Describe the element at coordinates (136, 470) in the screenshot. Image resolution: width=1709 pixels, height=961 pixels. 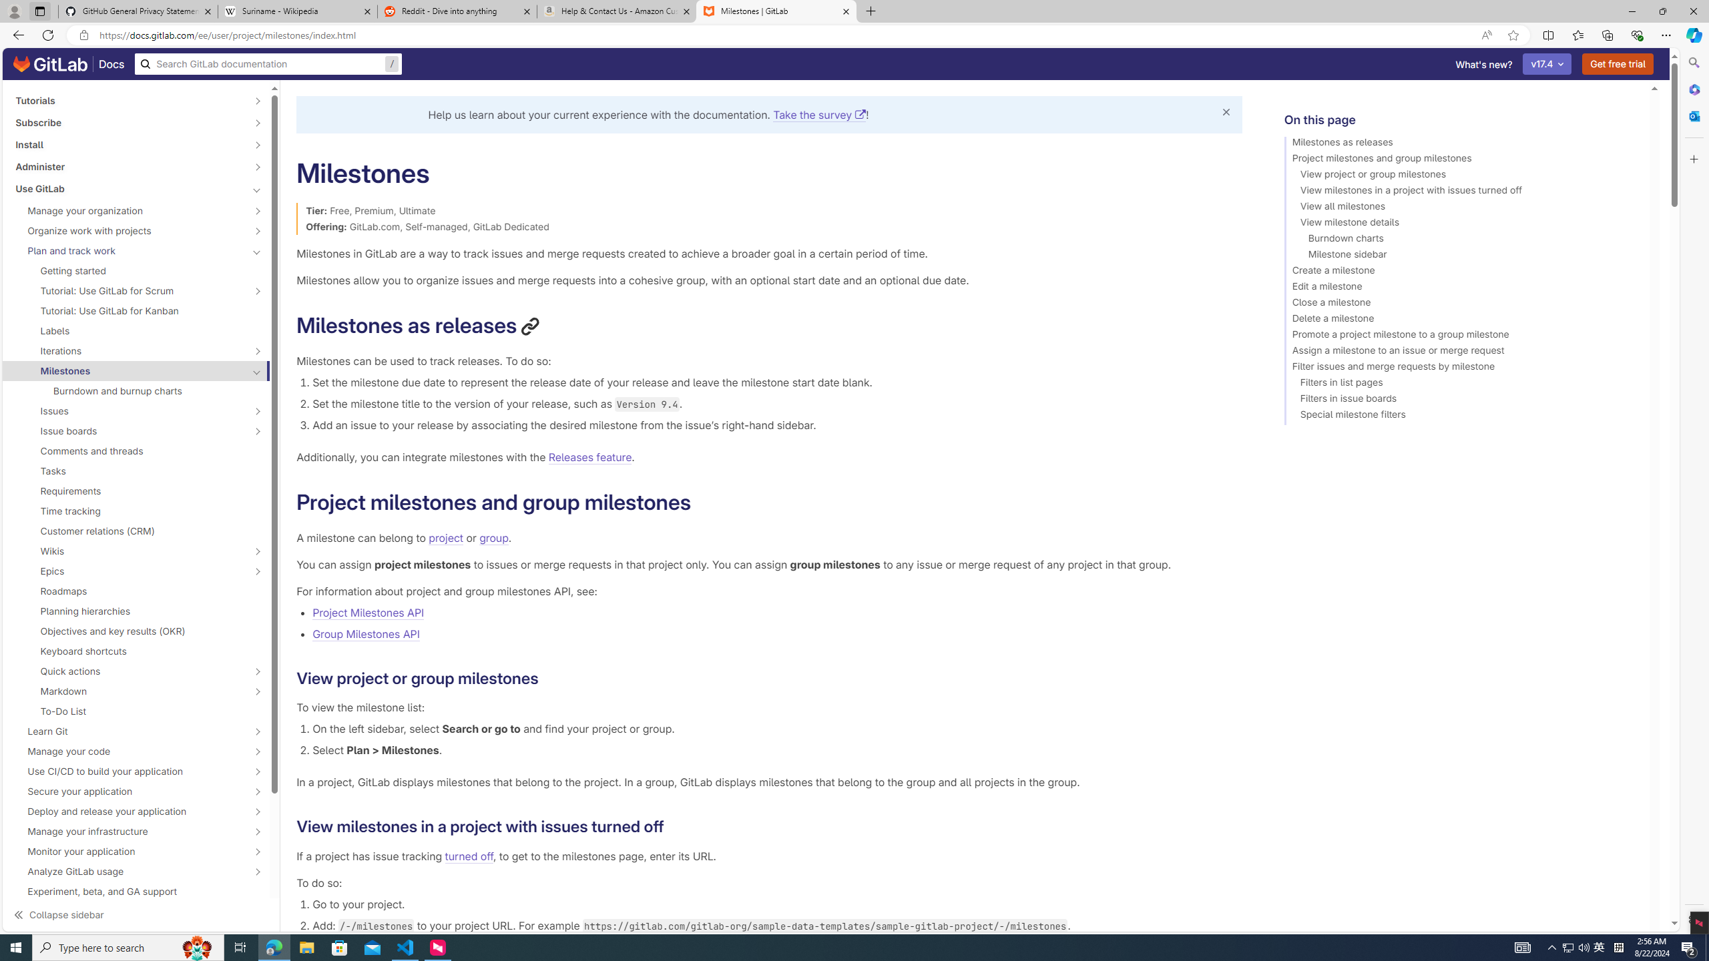
I see `'Tasks'` at that location.